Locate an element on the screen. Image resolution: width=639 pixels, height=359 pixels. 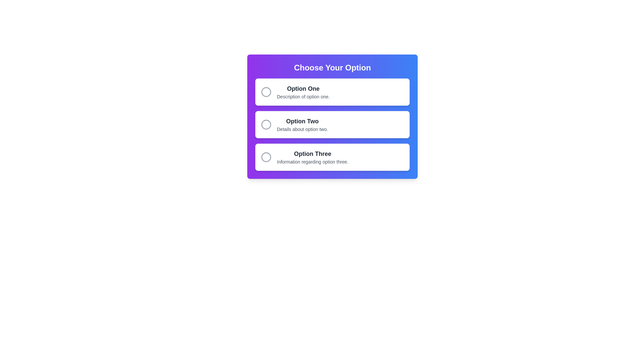
the static text label that serves as the title for the second selectable option in the list, positioned directly above the description 'Details about option two.' is located at coordinates (302, 121).